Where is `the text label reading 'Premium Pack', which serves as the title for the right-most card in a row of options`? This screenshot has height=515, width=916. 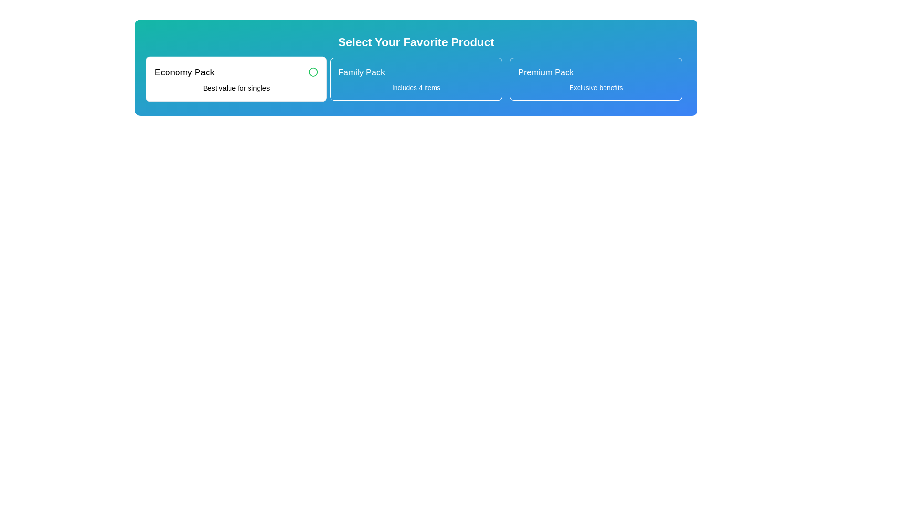
the text label reading 'Premium Pack', which serves as the title for the right-most card in a row of options is located at coordinates (546, 72).